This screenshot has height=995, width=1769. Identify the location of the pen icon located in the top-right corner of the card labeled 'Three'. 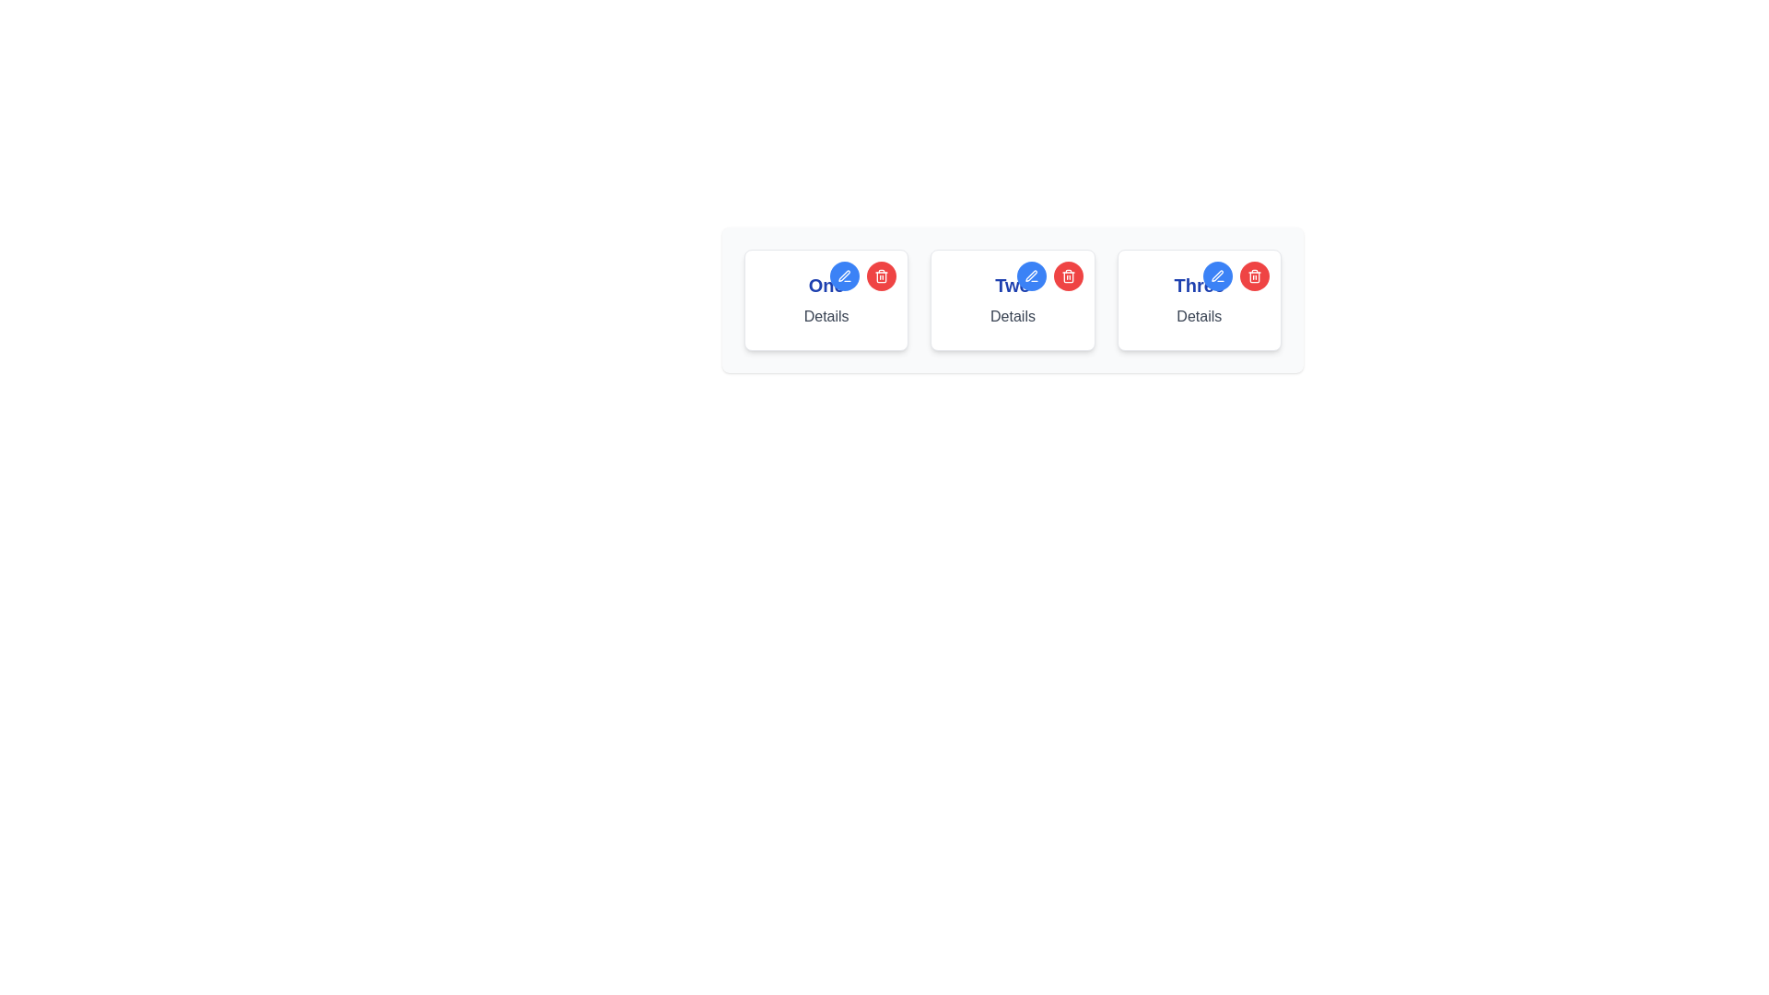
(1217, 275).